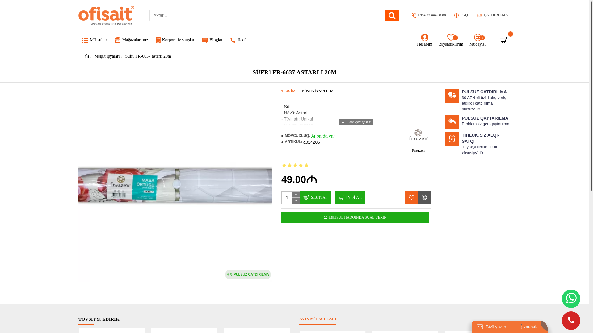  What do you see at coordinates (418, 139) in the screenshot?
I see `'Frauzen'` at bounding box center [418, 139].